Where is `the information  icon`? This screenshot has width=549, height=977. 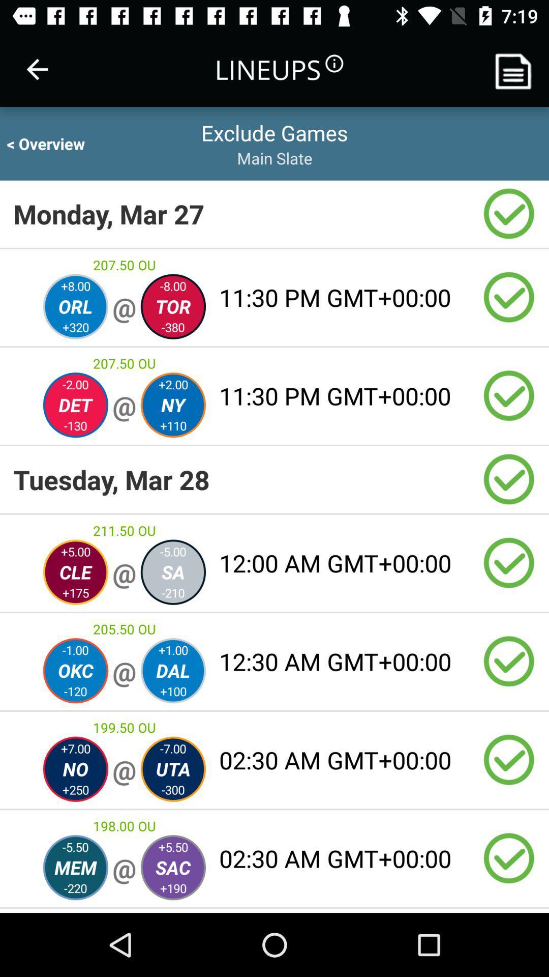
the information  icon is located at coordinates (333, 63).